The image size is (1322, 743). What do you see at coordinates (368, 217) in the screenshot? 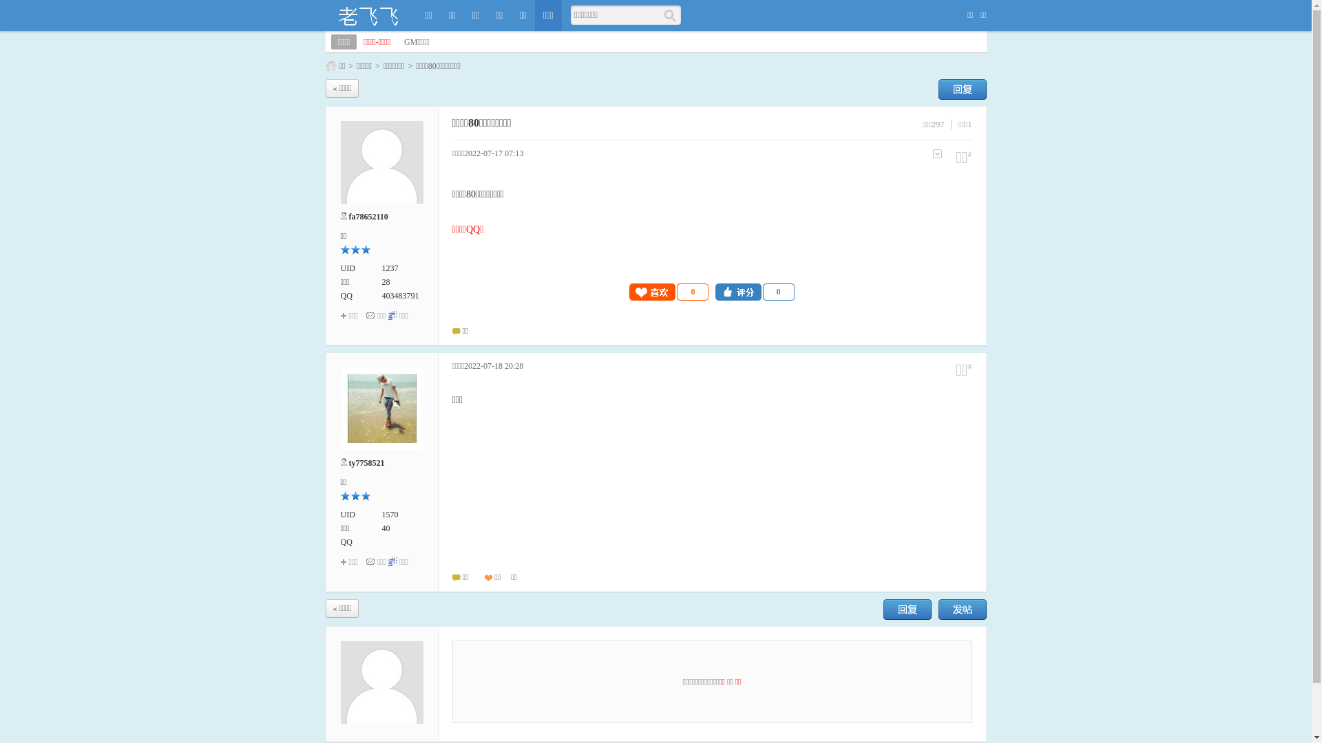
I see `'fa78652110'` at bounding box center [368, 217].